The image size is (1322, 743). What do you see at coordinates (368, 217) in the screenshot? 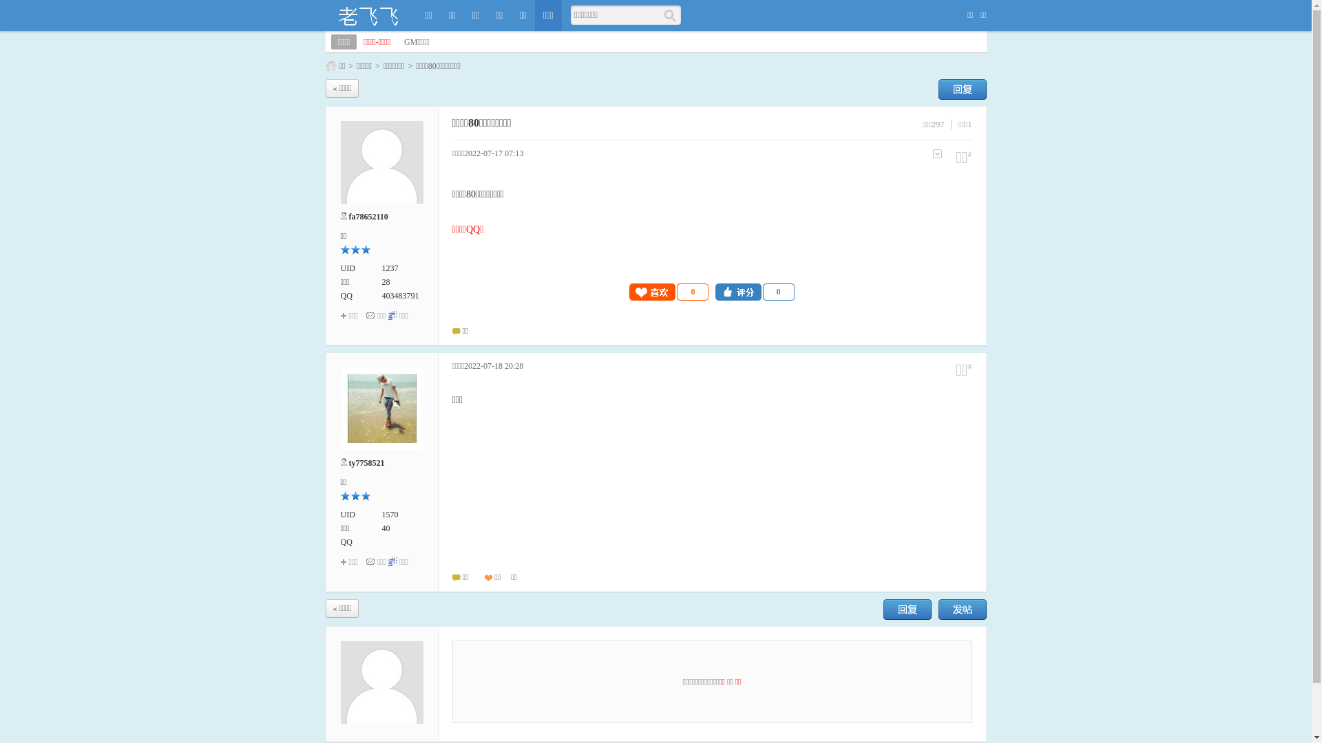
I see `'fa78652110'` at bounding box center [368, 217].